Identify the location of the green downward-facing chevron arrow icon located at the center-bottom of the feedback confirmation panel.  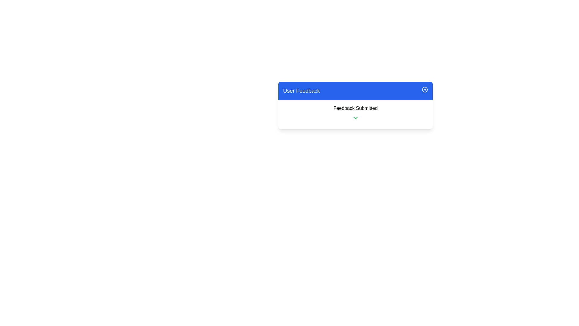
(356, 118).